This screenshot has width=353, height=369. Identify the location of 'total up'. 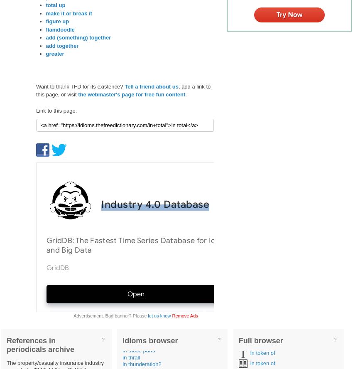
(55, 5).